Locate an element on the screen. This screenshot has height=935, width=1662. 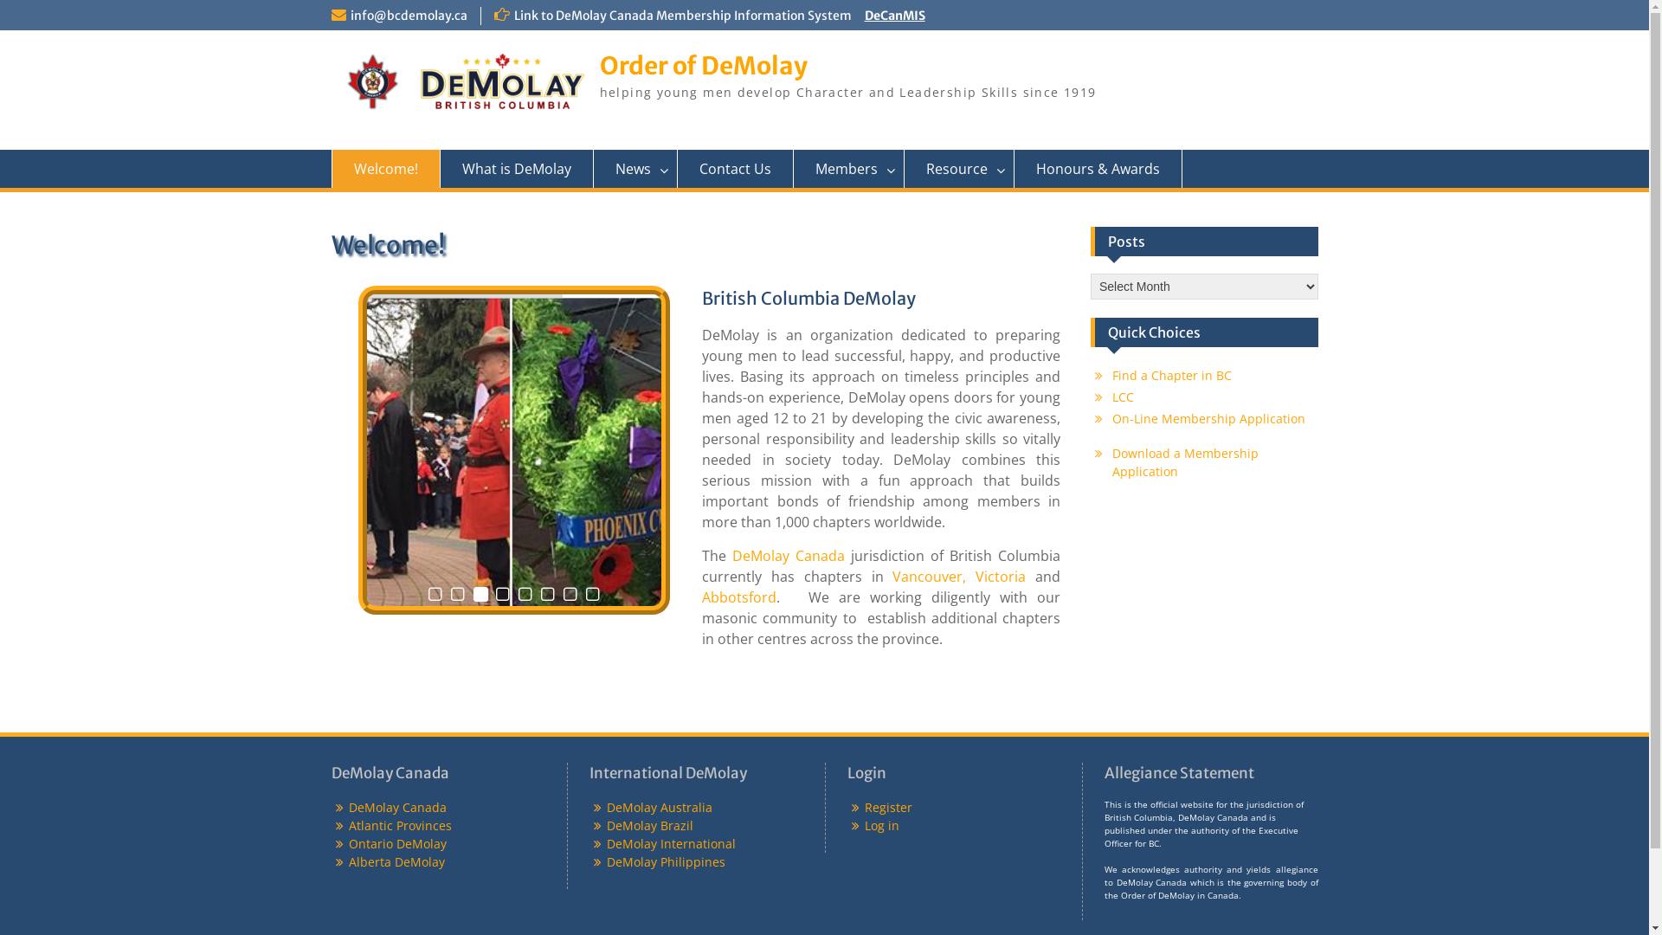
'News' is located at coordinates (635, 169).